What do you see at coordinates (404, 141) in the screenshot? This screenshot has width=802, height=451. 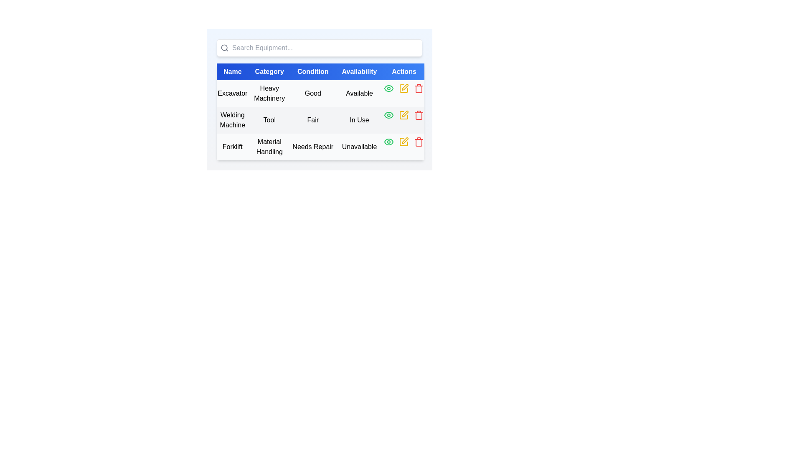 I see `the edit icon button located in the 'Actions' column of the 'Forklift' row` at bounding box center [404, 141].